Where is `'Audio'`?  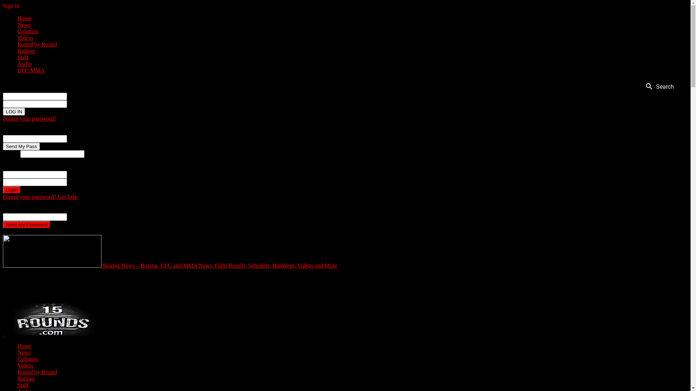
'Audio' is located at coordinates (24, 63).